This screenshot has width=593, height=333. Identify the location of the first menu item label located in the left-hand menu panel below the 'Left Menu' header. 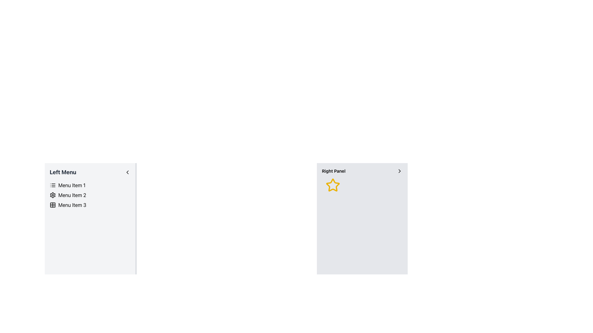
(72, 185).